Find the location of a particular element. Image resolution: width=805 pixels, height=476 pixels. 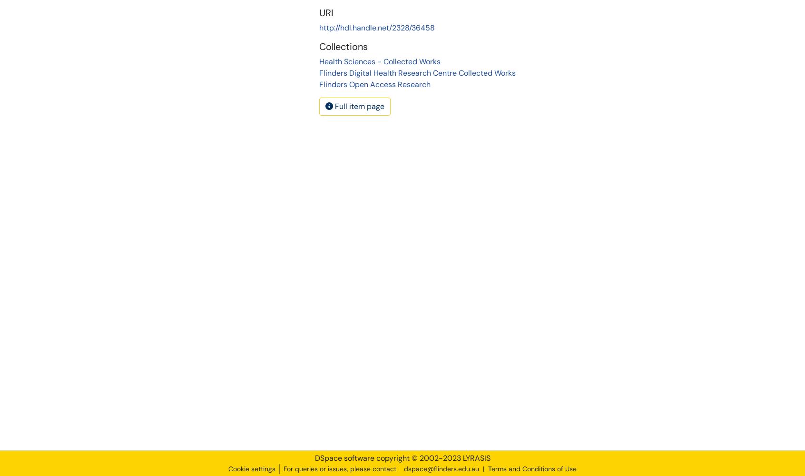

'LYRASIS' is located at coordinates (475, 457).